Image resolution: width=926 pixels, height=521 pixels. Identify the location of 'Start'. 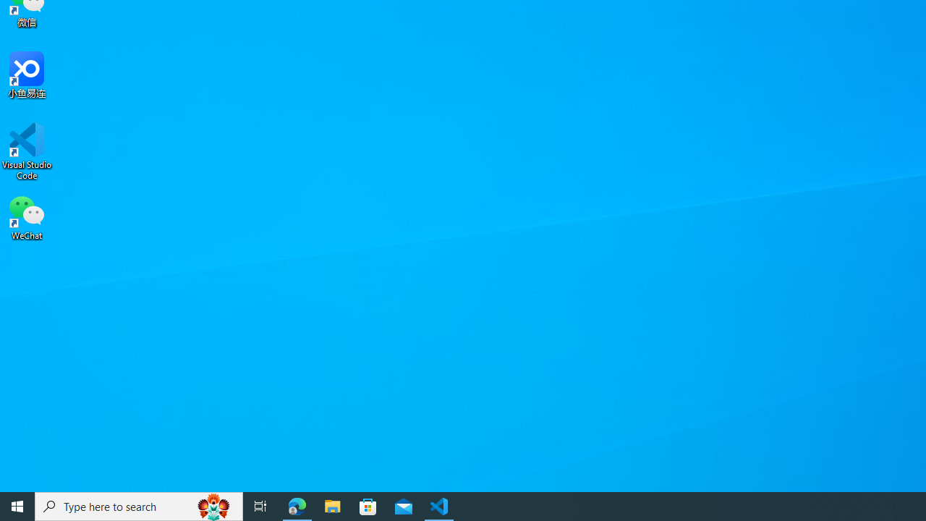
(17, 505).